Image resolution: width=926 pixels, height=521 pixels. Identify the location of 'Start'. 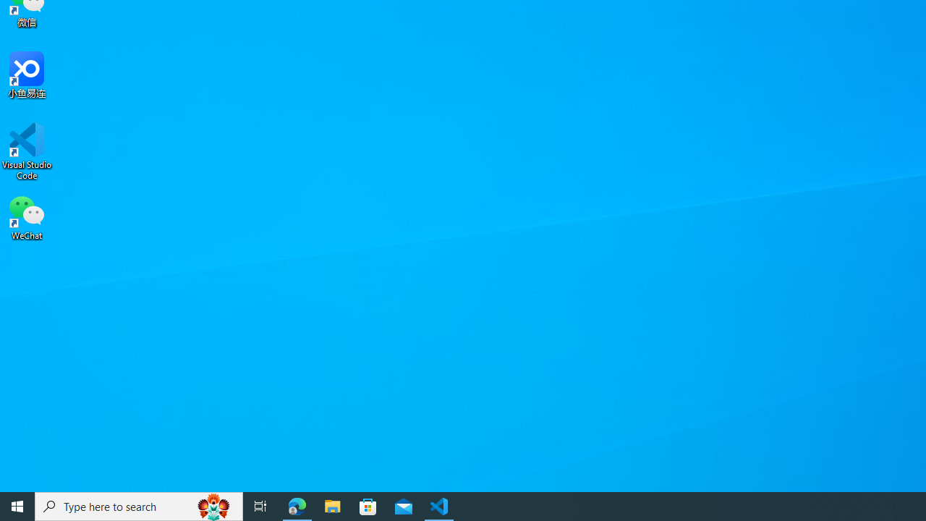
(17, 505).